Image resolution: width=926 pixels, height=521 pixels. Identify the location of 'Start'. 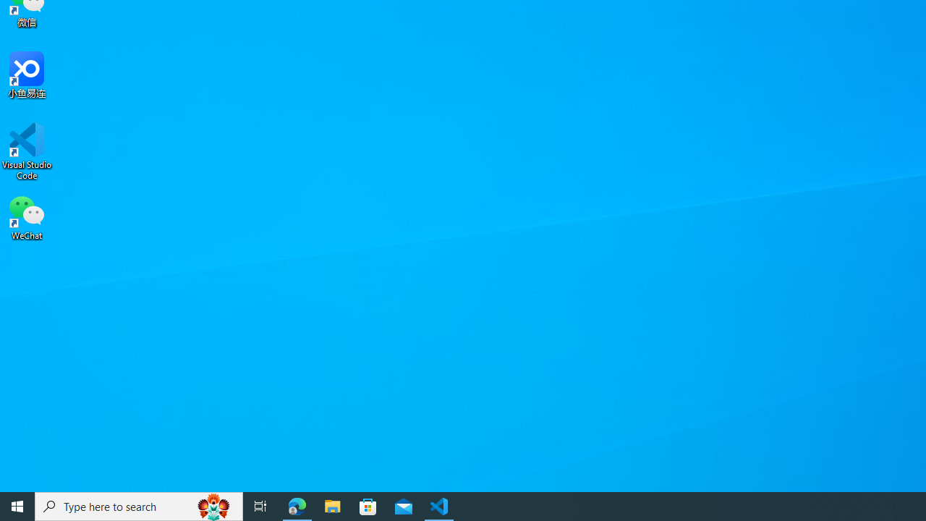
(17, 505).